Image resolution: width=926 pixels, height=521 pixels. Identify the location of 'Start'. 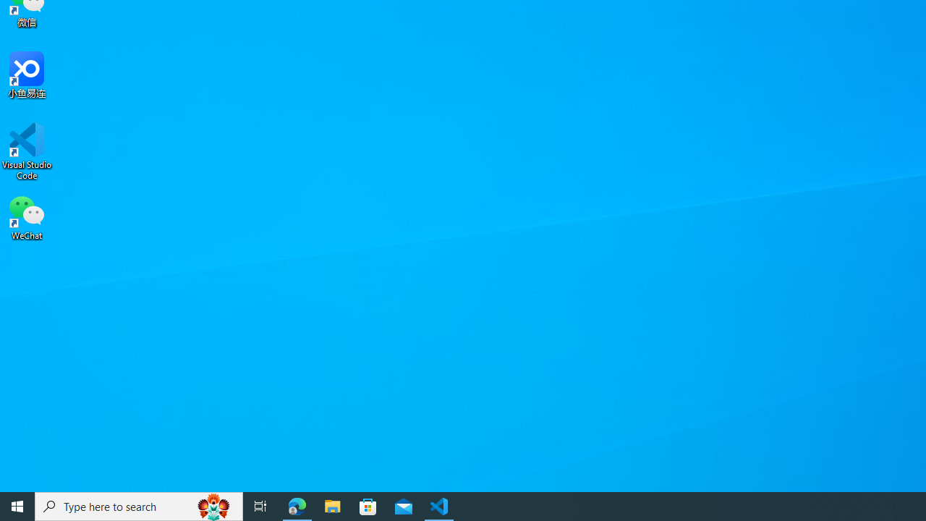
(17, 505).